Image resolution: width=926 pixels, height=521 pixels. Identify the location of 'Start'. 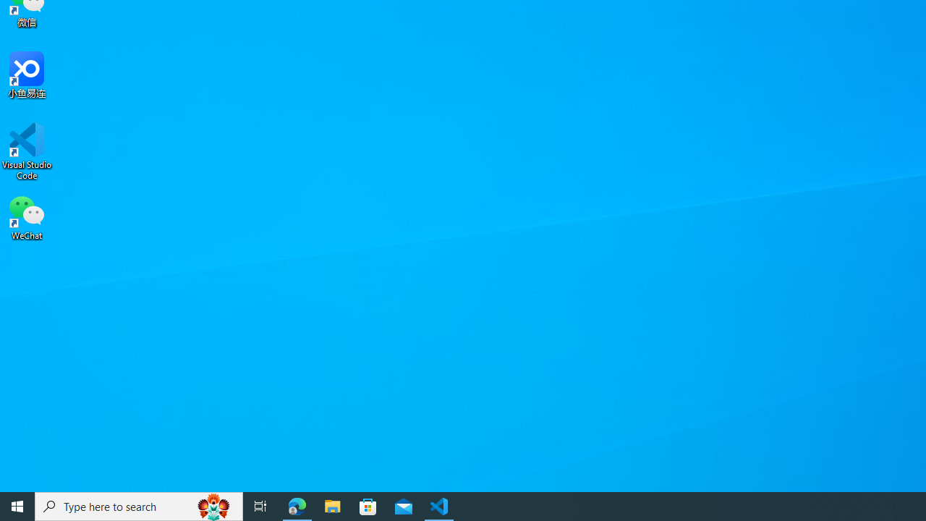
(17, 505).